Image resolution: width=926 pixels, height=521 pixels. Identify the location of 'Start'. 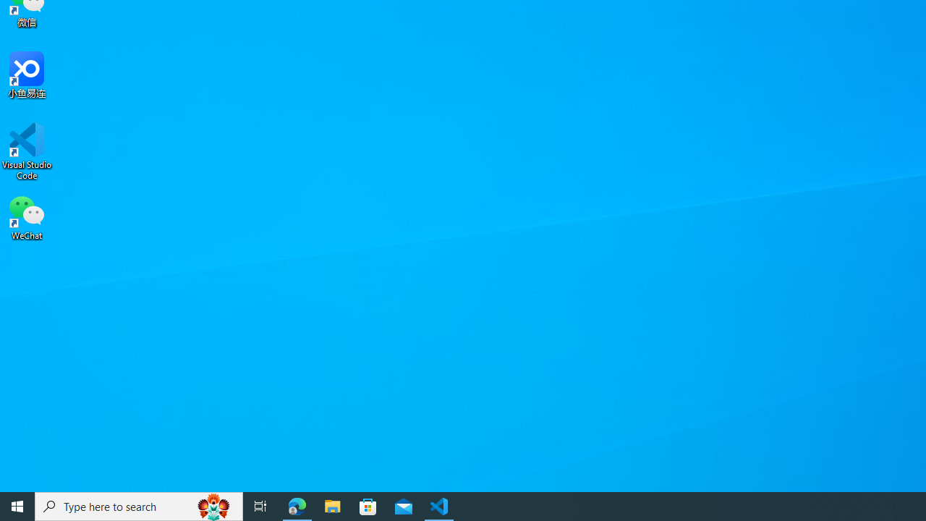
(17, 505).